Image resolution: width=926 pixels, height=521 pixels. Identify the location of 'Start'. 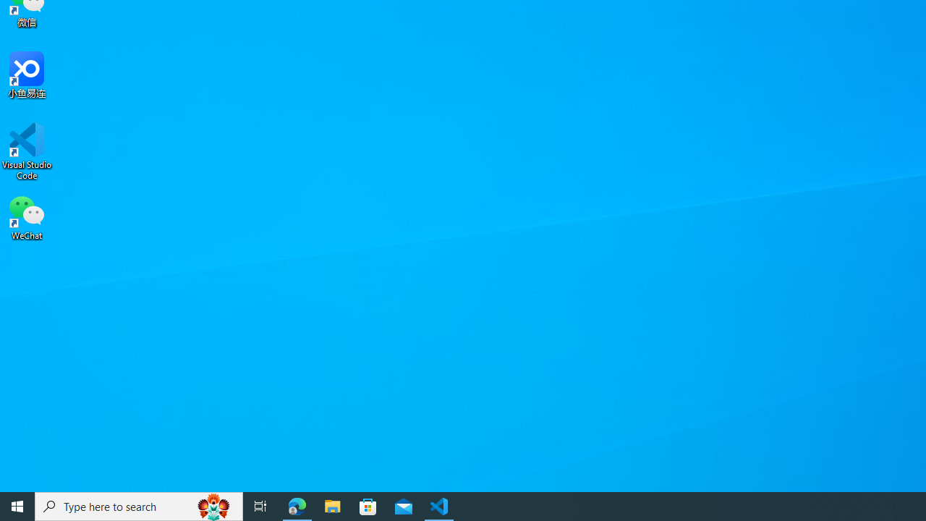
(17, 505).